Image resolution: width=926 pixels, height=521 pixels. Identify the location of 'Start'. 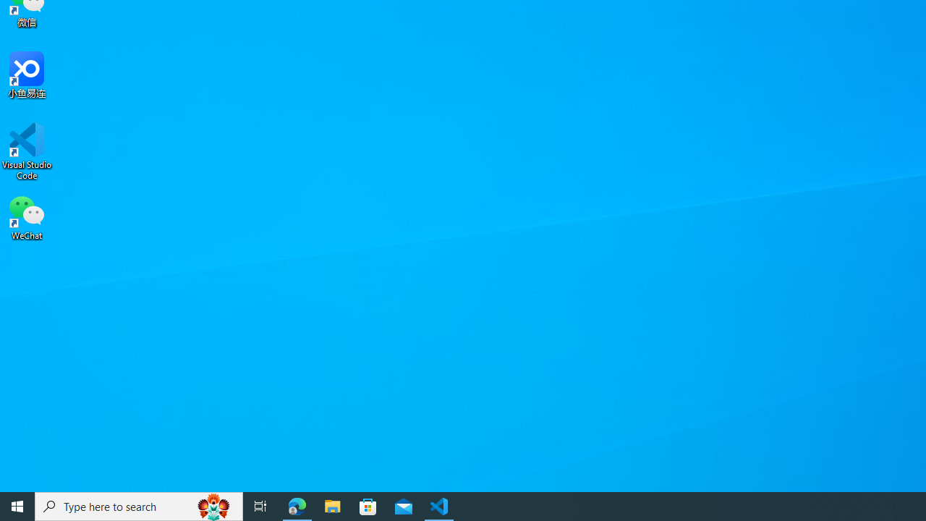
(17, 505).